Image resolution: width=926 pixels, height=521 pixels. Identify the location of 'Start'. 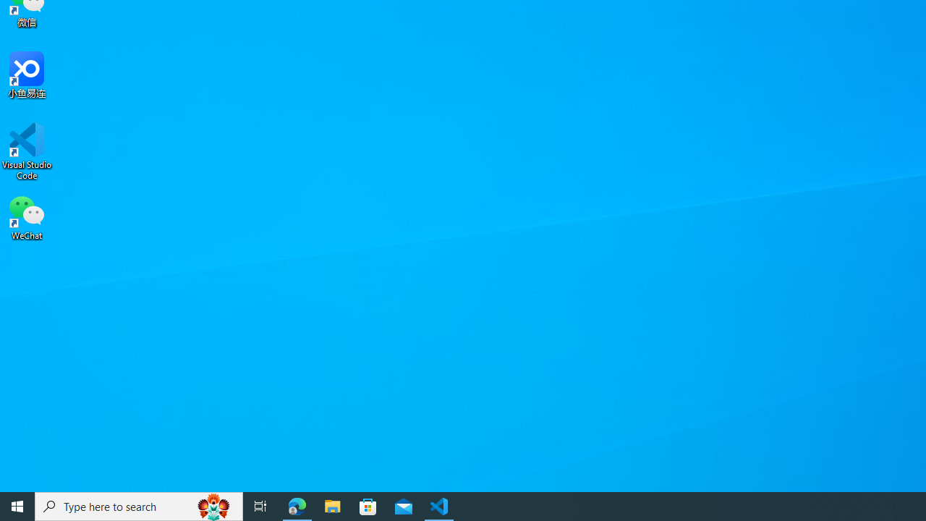
(17, 505).